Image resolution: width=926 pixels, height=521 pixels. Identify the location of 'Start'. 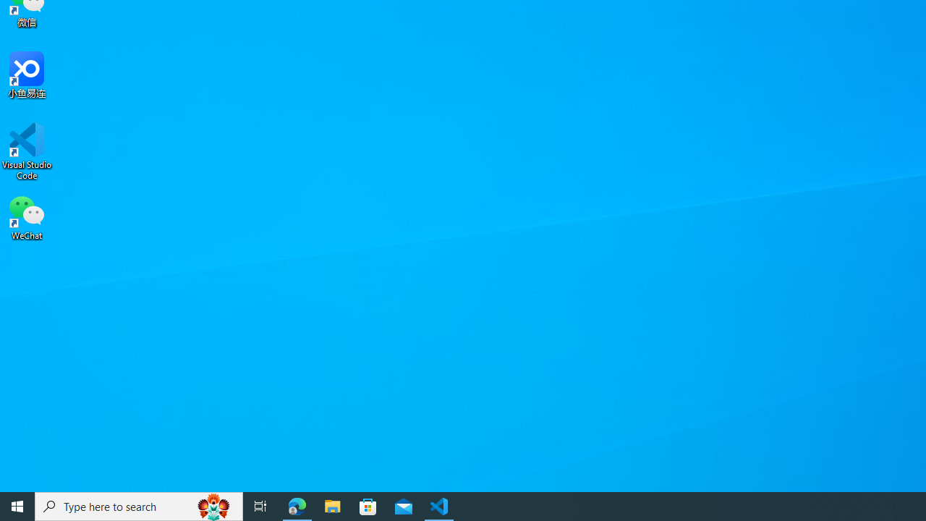
(17, 505).